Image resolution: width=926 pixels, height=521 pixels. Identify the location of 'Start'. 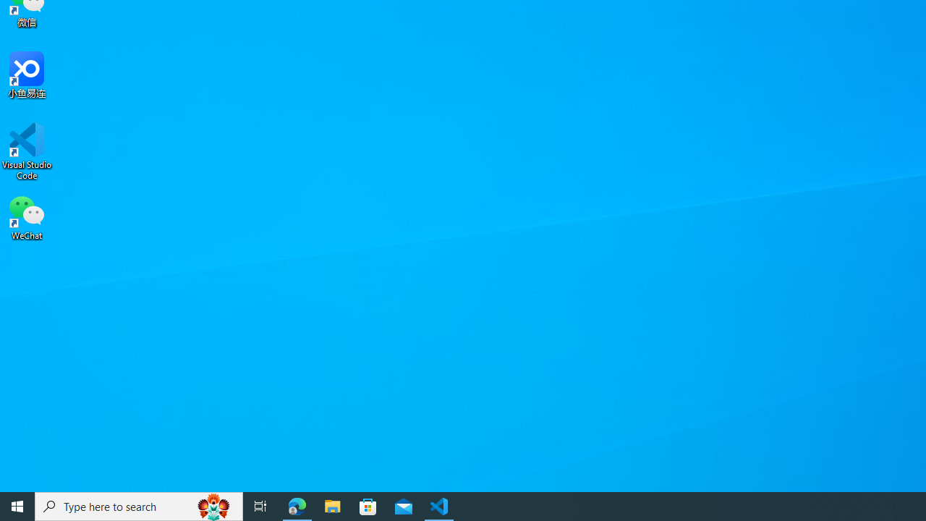
(17, 505).